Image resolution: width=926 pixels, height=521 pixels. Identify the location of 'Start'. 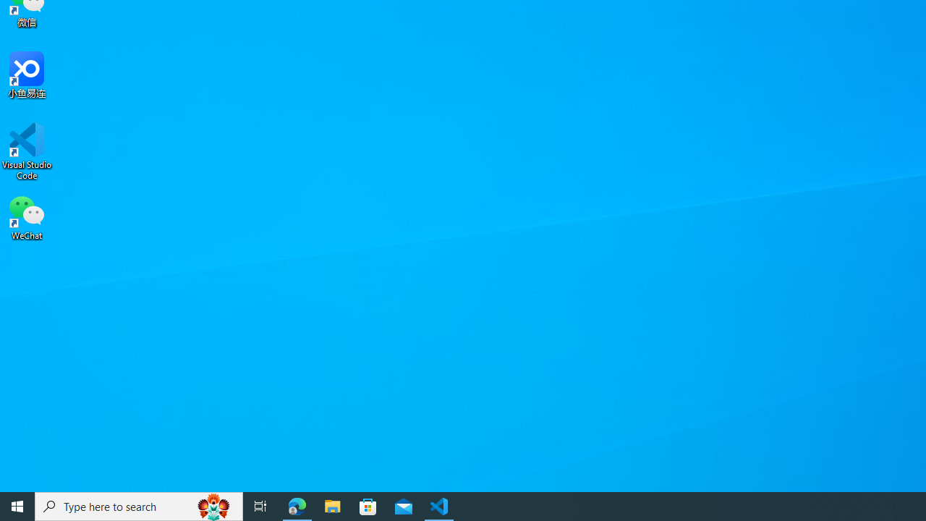
(17, 505).